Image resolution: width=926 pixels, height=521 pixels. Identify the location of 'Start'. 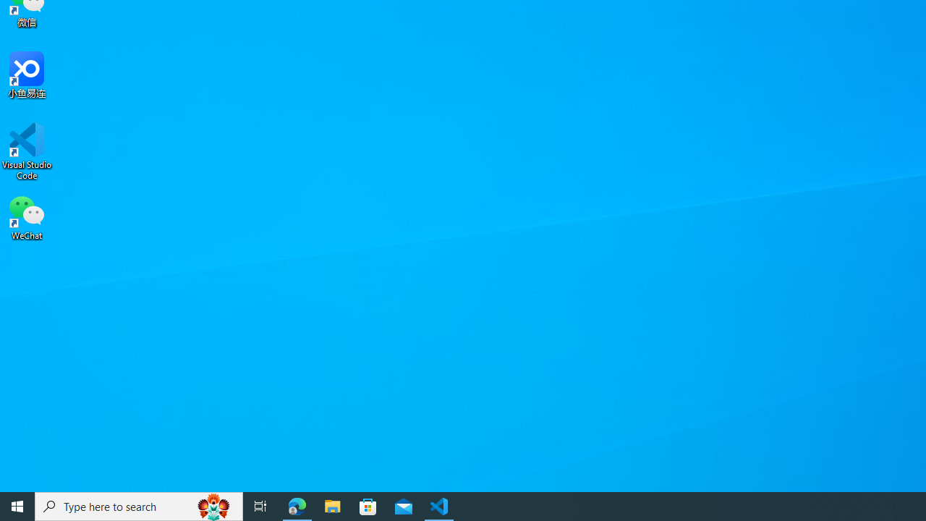
(17, 505).